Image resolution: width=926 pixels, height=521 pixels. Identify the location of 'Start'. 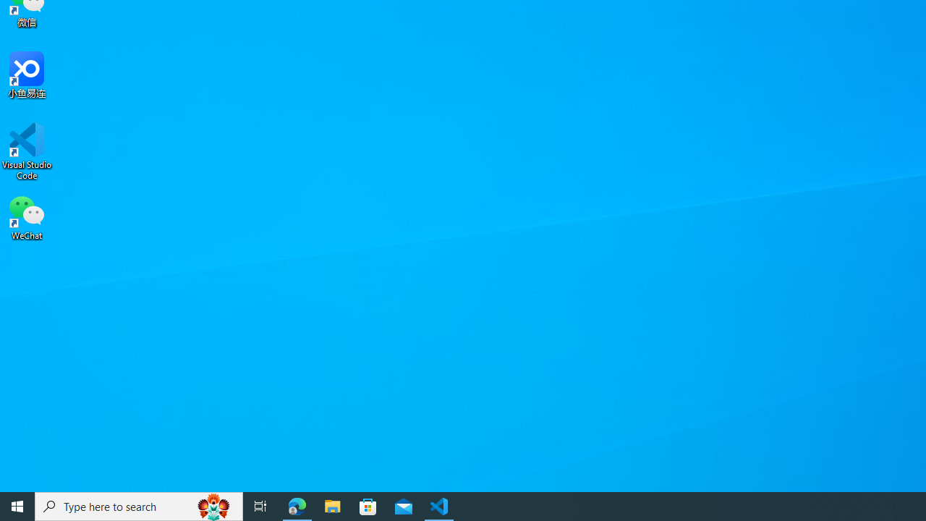
(17, 505).